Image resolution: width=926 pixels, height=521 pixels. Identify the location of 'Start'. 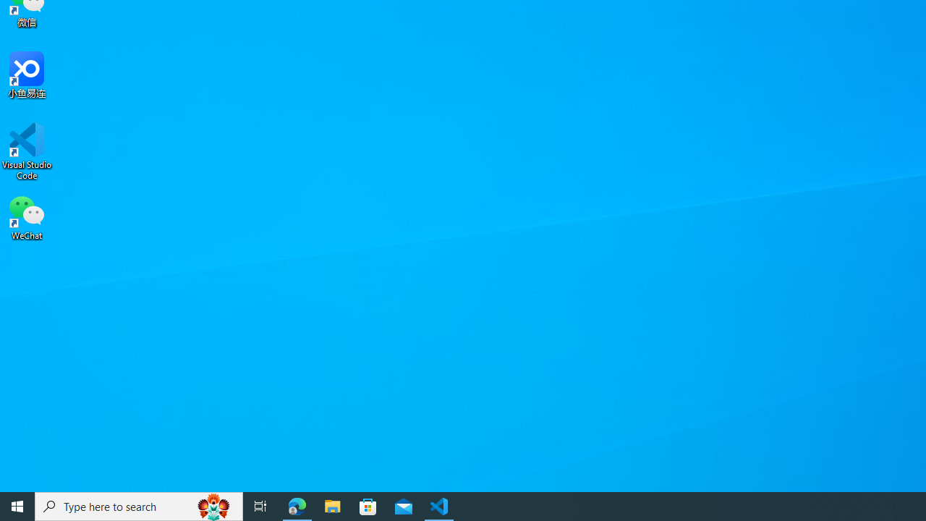
(17, 505).